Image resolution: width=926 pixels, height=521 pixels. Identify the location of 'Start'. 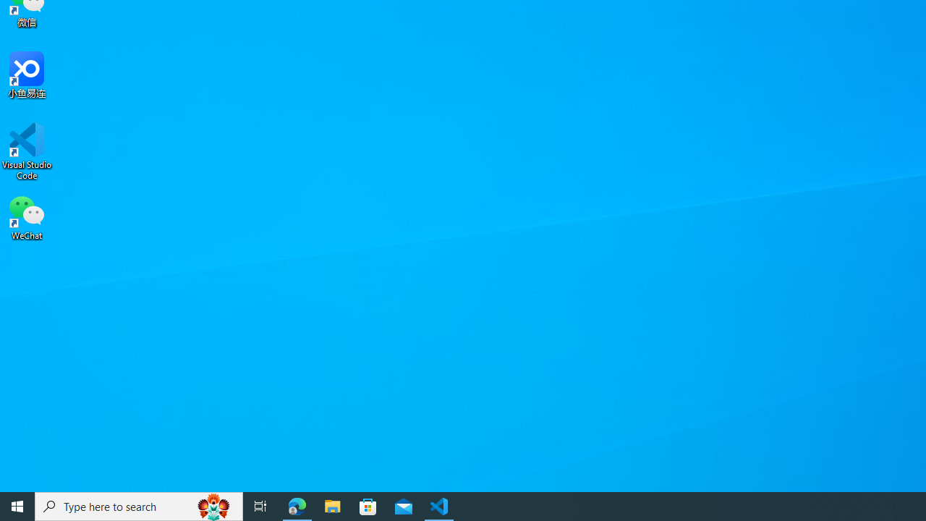
(17, 505).